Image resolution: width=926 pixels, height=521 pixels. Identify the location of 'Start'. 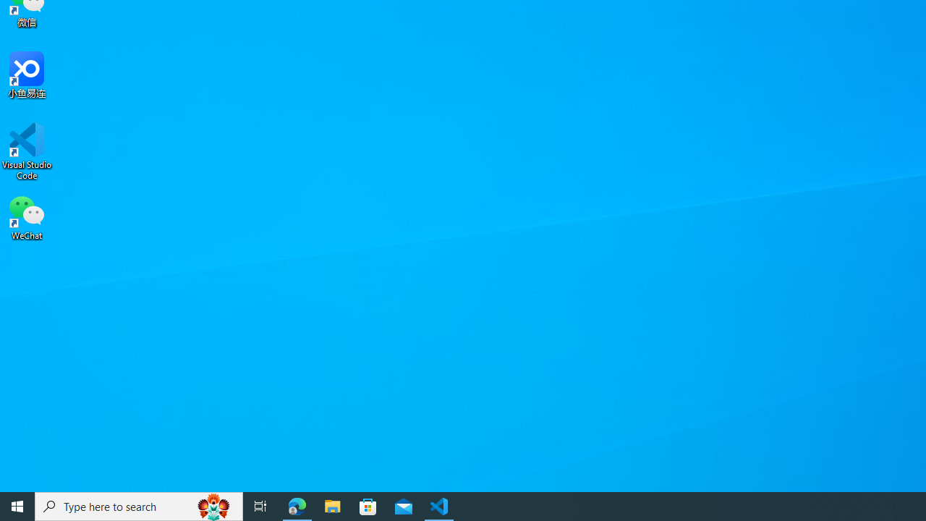
(17, 505).